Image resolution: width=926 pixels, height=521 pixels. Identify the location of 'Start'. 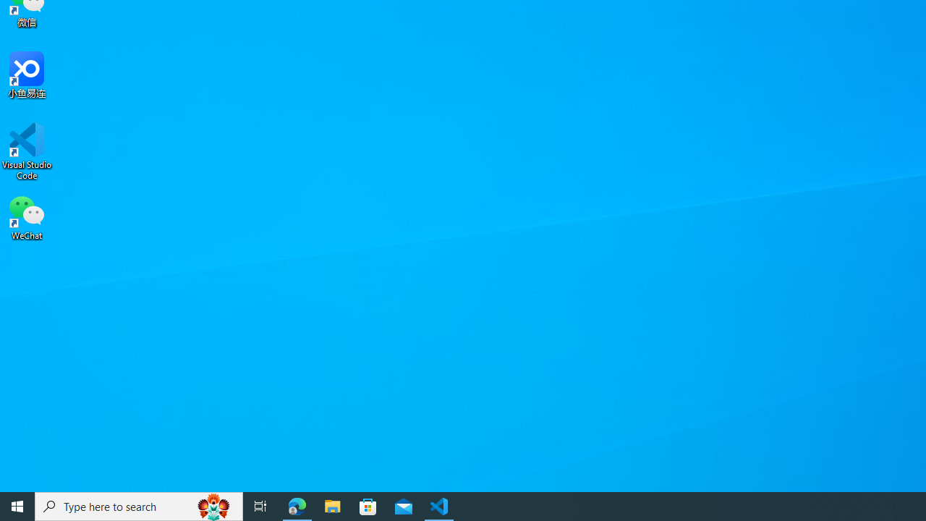
(17, 505).